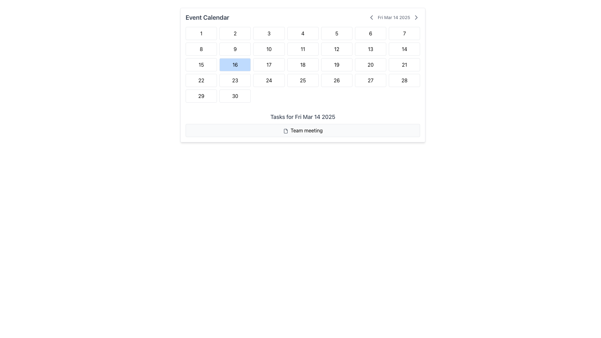  What do you see at coordinates (371, 33) in the screenshot?
I see `the calendar date cell element displaying the number '6'` at bounding box center [371, 33].